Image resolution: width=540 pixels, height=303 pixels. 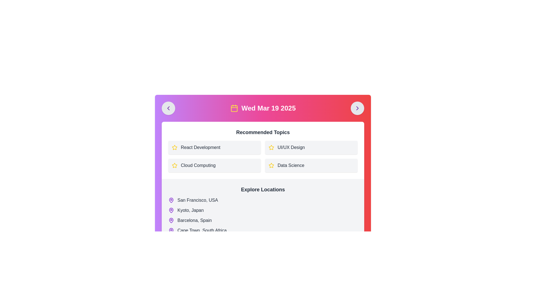 What do you see at coordinates (174, 165) in the screenshot?
I see `the star icon located on the left side of the 'Recommended Topics' section, adjacent to the text 'React Development', to favorite or un-favorite the topic` at bounding box center [174, 165].